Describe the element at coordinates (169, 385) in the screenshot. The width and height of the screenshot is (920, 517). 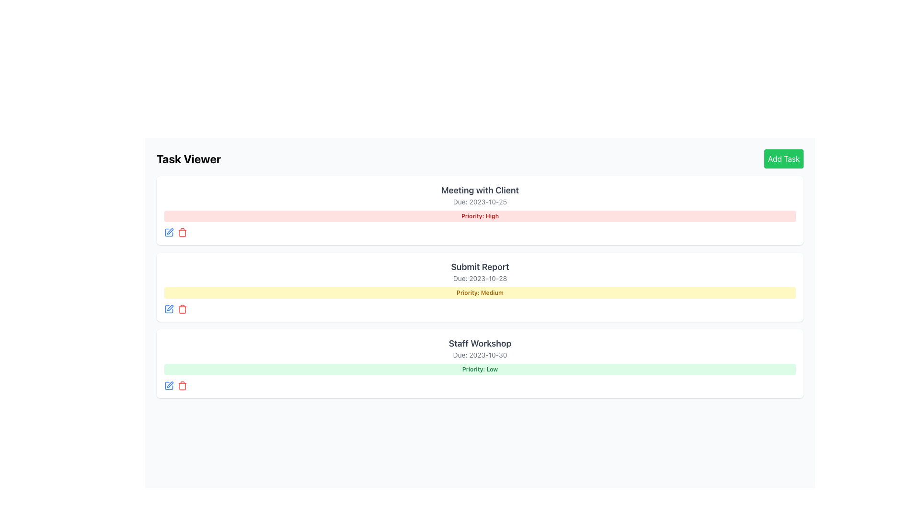
I see `the interactive edit button located at the top-left corner of the task entry icons` at that location.